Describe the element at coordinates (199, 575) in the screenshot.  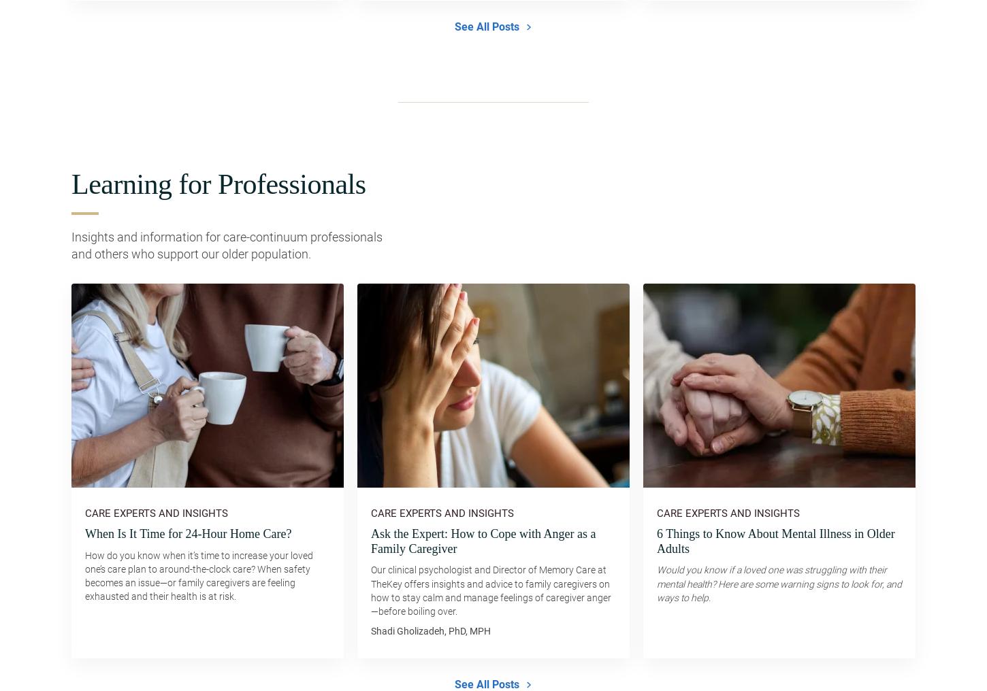
I see `'How do you know when it’s time to increase your loved one’s care plan to around-the-clock care? When safety becomes an issue—or family caregivers are feeling exhausted and their health is at risk.'` at that location.